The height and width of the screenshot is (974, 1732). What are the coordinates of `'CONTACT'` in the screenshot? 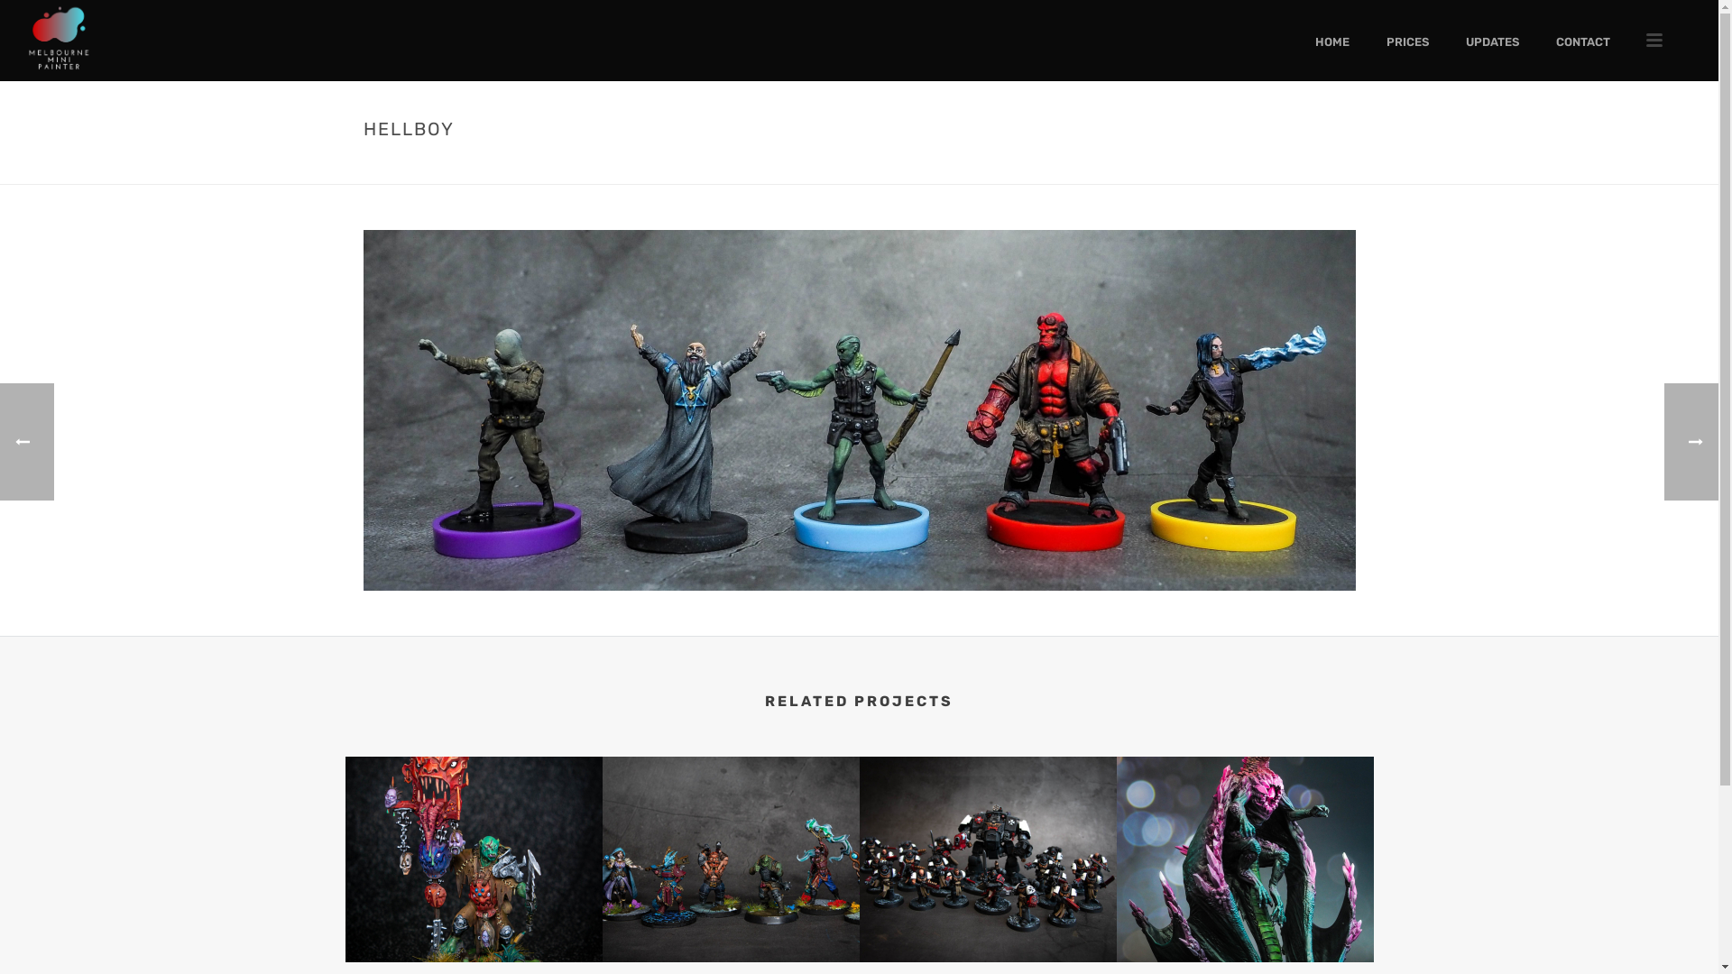 It's located at (1582, 41).